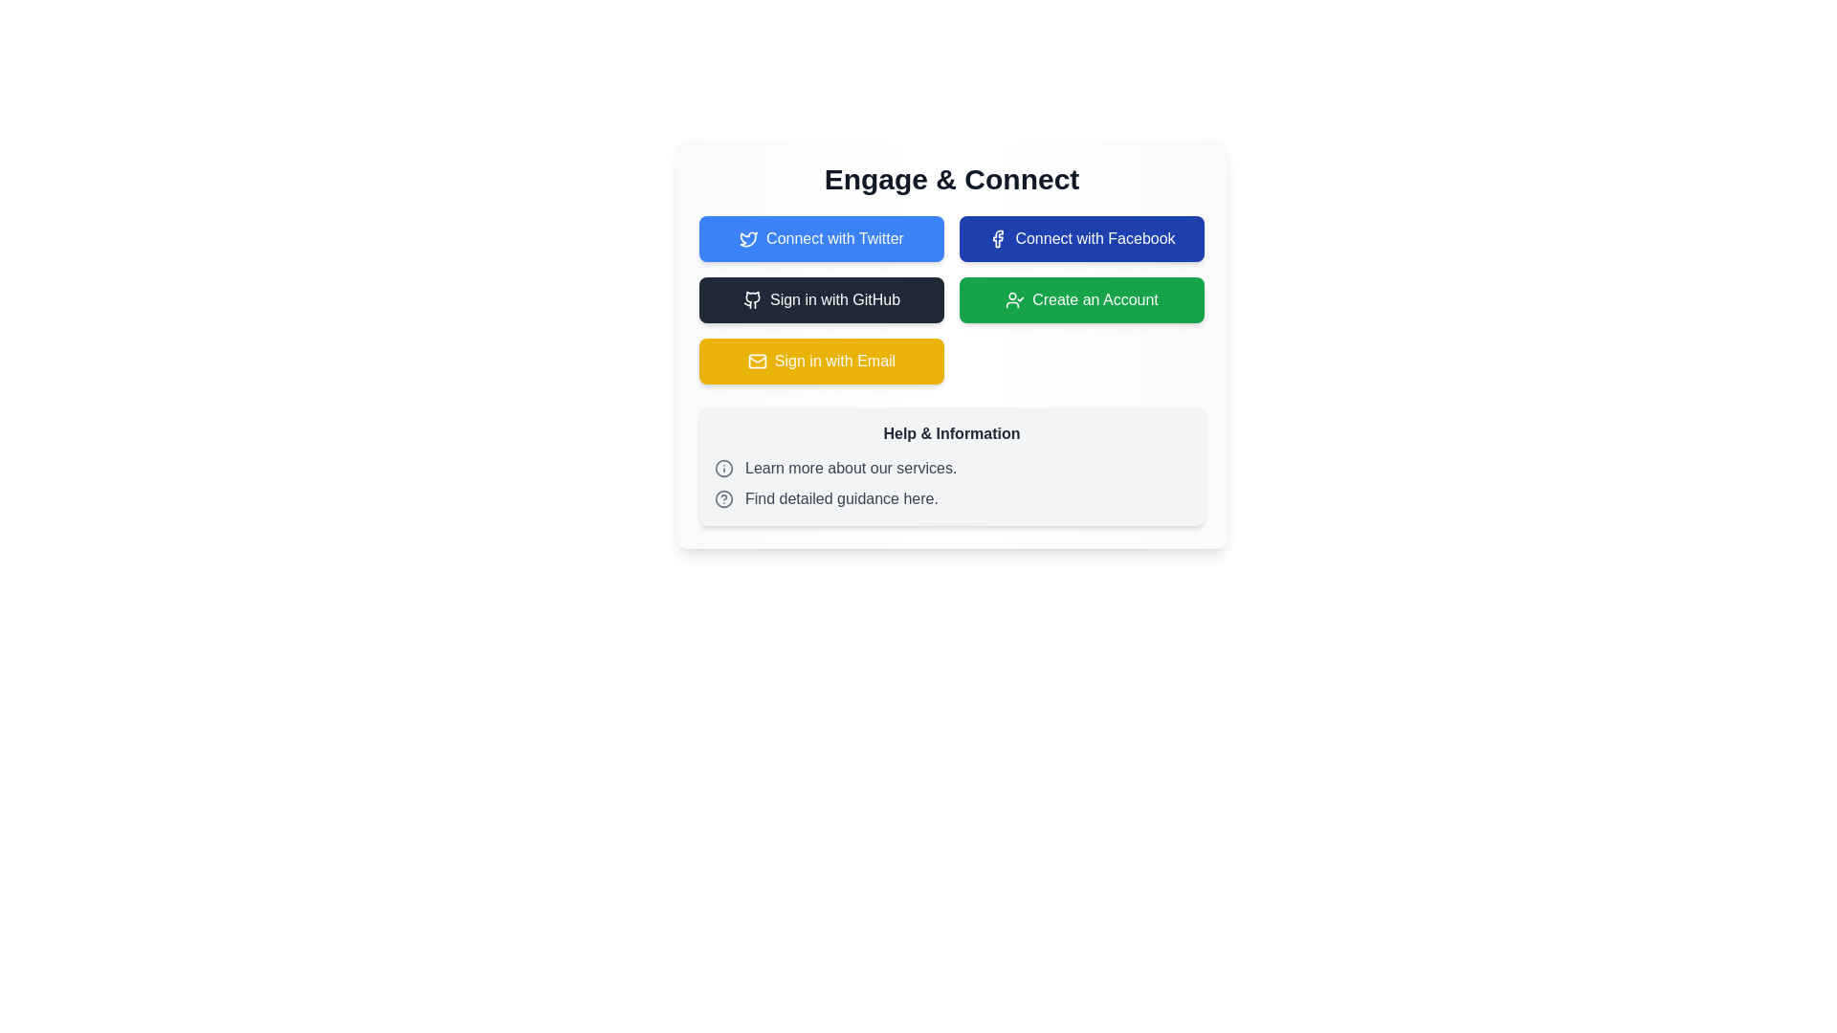 This screenshot has height=1033, width=1837. What do you see at coordinates (748, 238) in the screenshot?
I see `the small blue bird icon associated with Twitter, which is located at the leftmost part of the 'Connect with Twitter' button in the 'Engage & Connect' section` at bounding box center [748, 238].